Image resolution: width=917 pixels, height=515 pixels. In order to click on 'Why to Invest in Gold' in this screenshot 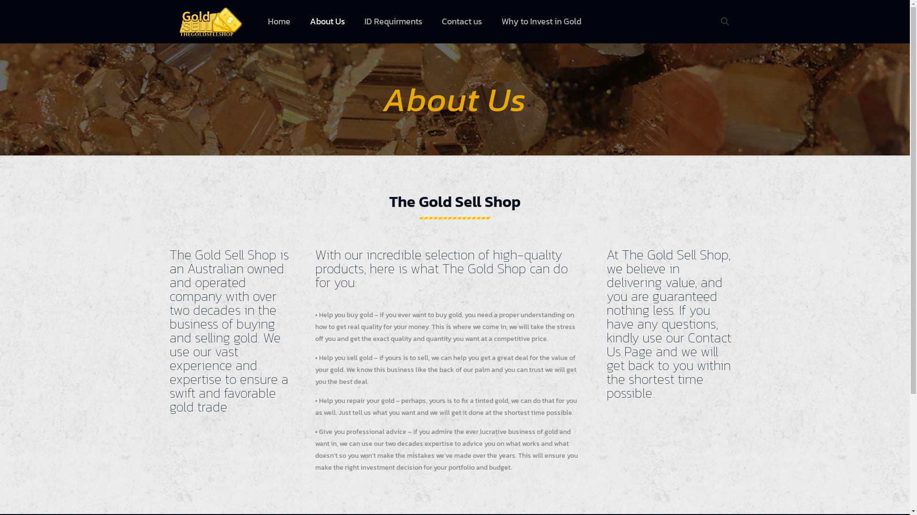, I will do `click(541, 21)`.